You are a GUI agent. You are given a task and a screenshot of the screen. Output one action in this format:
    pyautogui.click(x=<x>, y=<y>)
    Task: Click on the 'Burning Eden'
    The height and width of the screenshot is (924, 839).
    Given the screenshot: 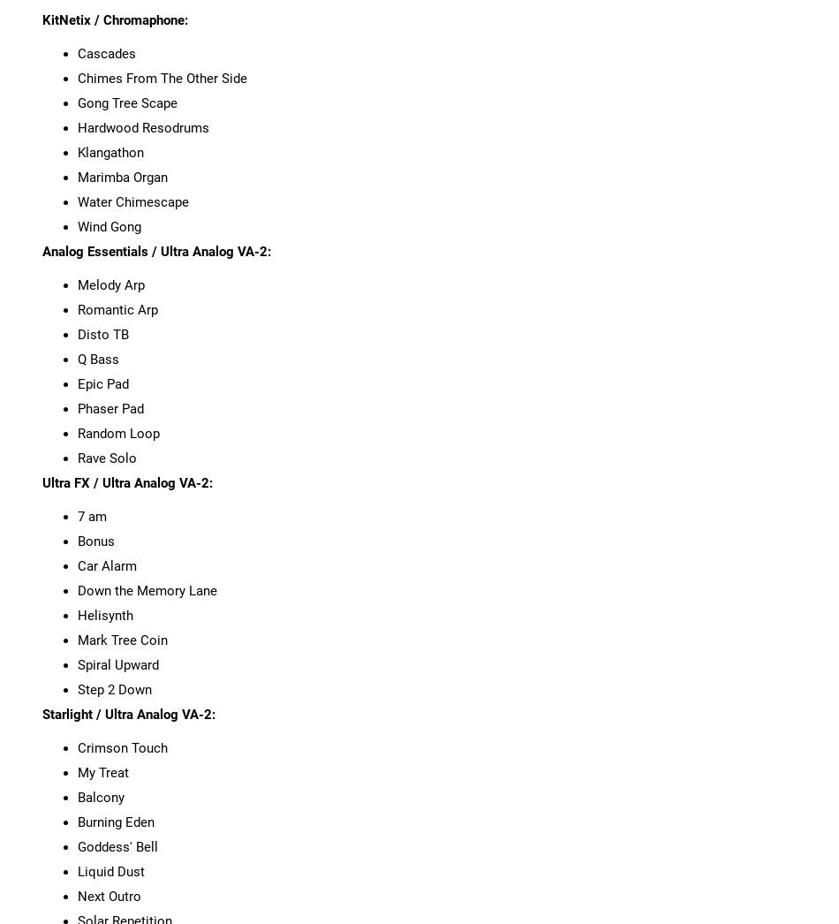 What is the action you would take?
    pyautogui.click(x=115, y=821)
    